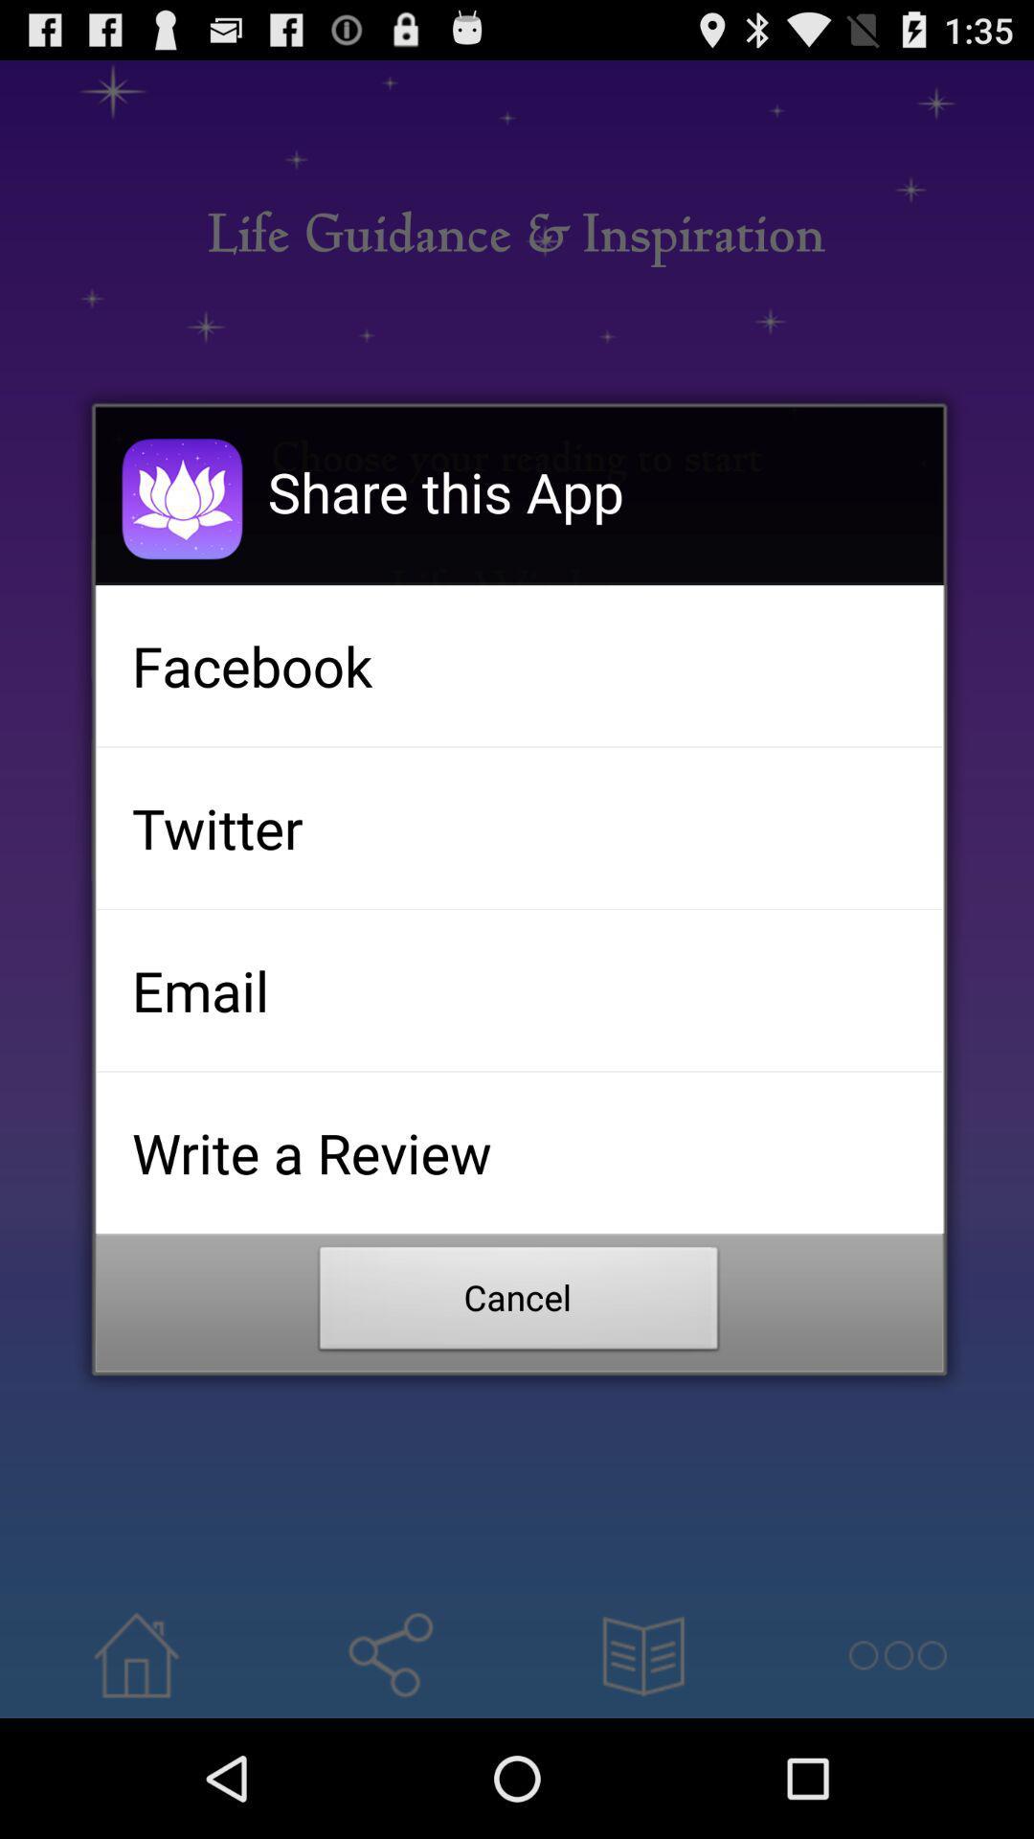  What do you see at coordinates (519, 1303) in the screenshot?
I see `button at the bottom` at bounding box center [519, 1303].